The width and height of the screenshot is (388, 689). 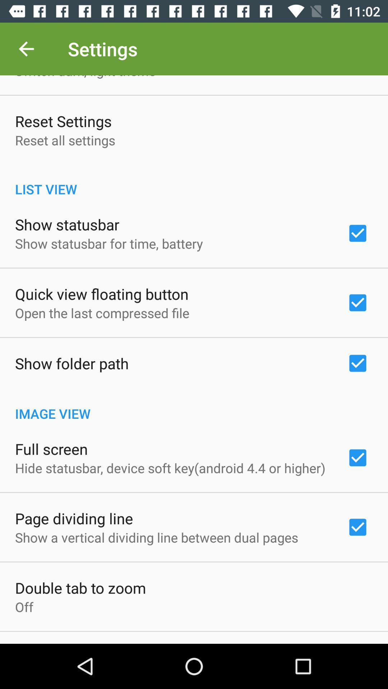 I want to click on item below open the last item, so click(x=72, y=363).